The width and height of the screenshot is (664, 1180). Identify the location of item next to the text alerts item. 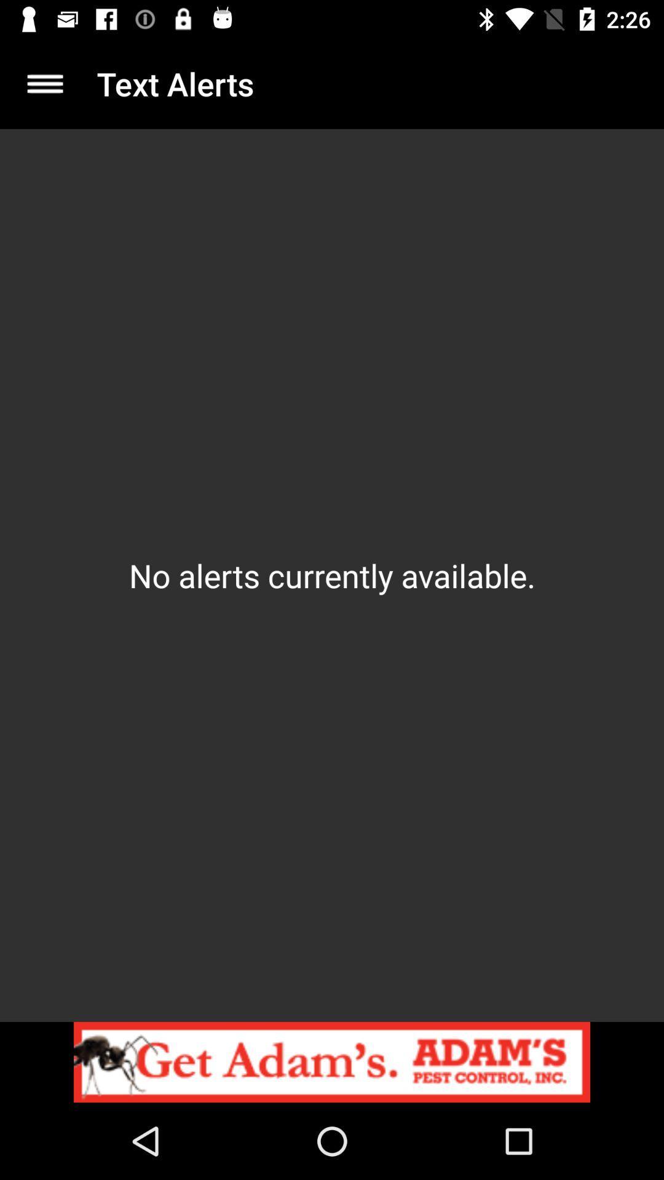
(44, 83).